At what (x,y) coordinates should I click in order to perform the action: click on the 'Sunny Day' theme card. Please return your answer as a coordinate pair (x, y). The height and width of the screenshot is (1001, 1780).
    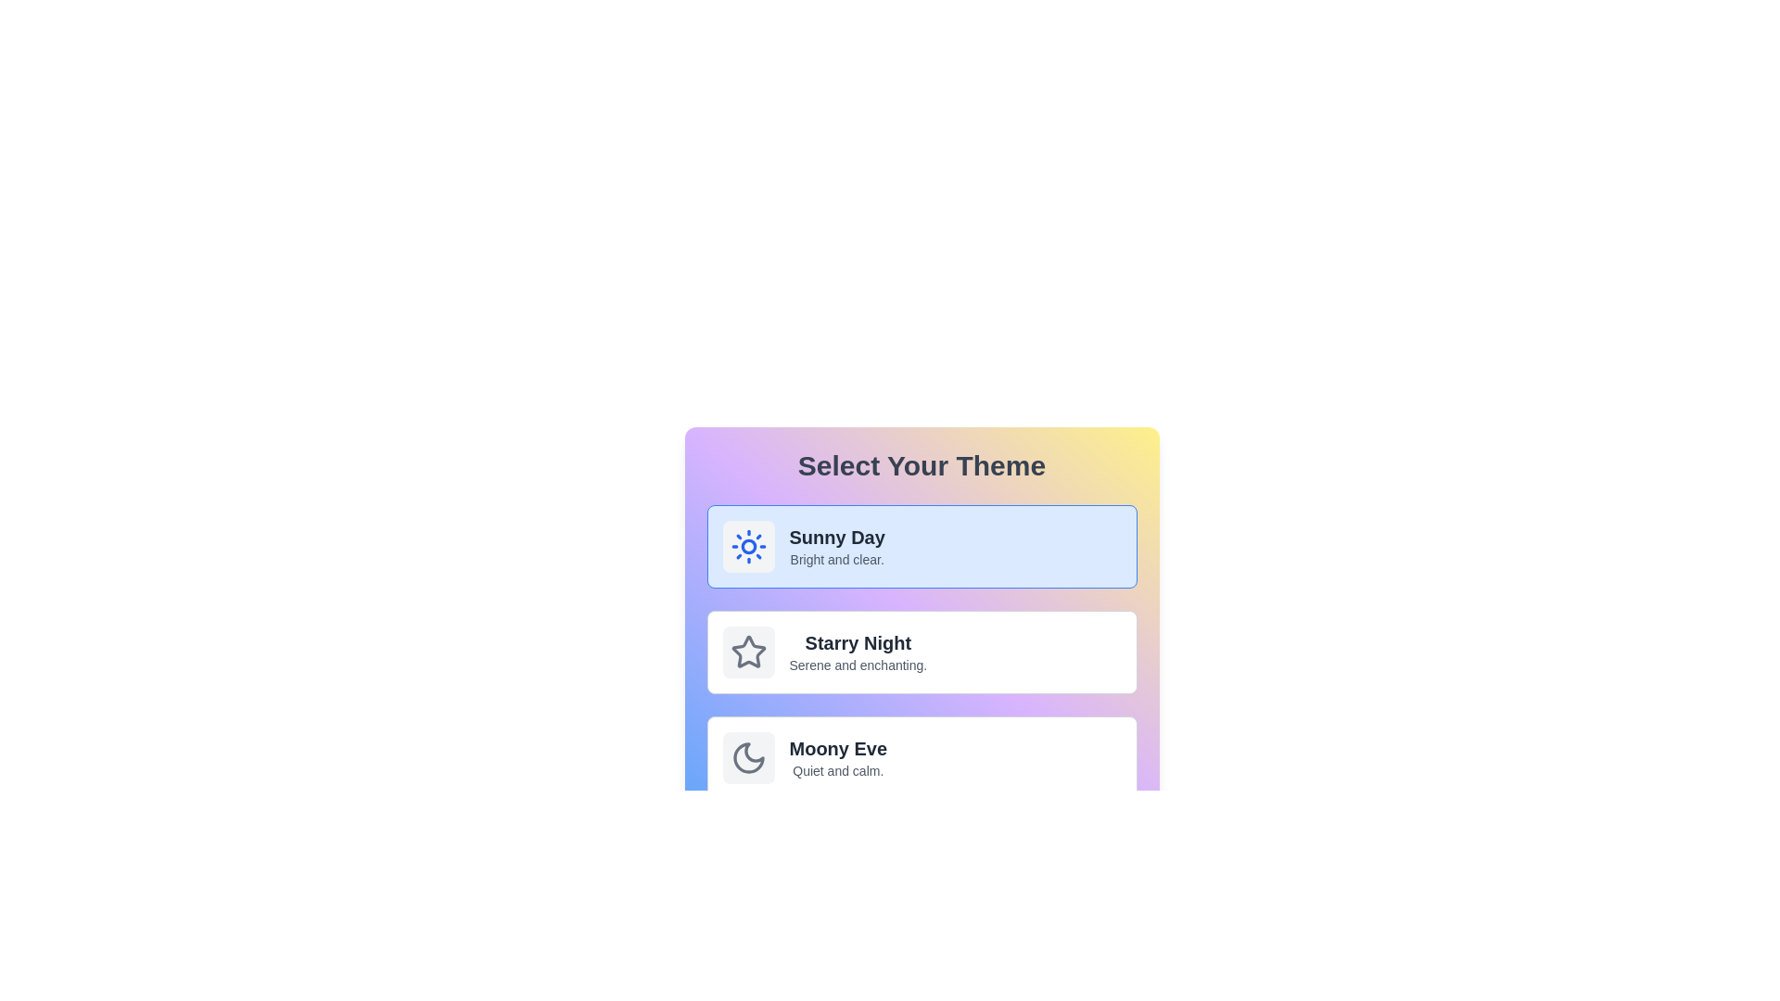
    Looking at the image, I should click on (922, 546).